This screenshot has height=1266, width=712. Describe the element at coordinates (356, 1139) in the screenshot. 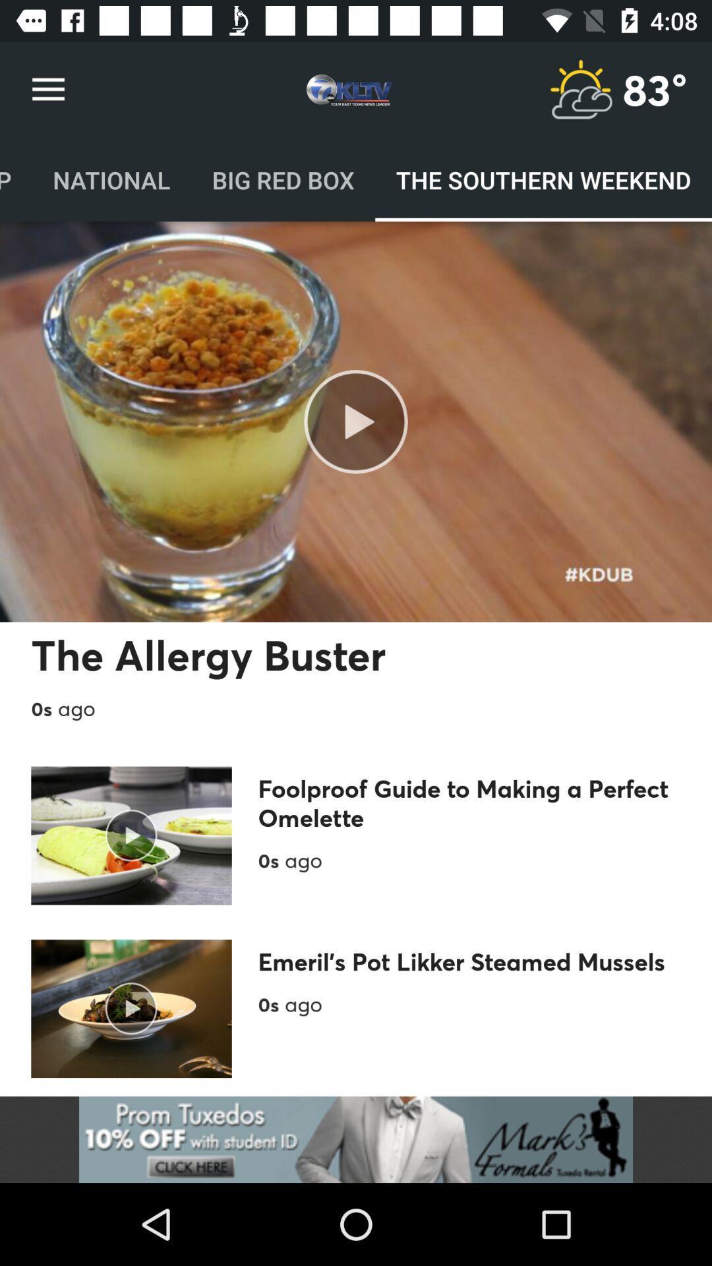

I see `open the advertisement link` at that location.